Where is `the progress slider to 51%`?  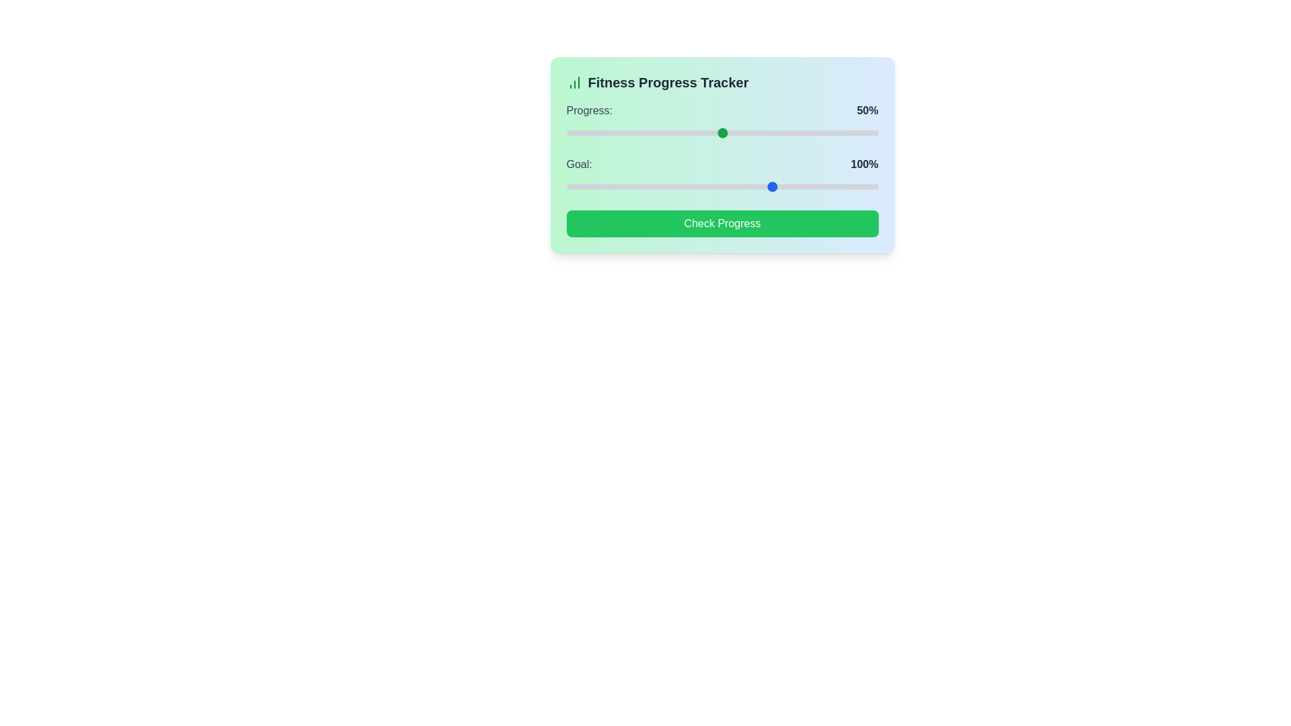
the progress slider to 51% is located at coordinates (725, 132).